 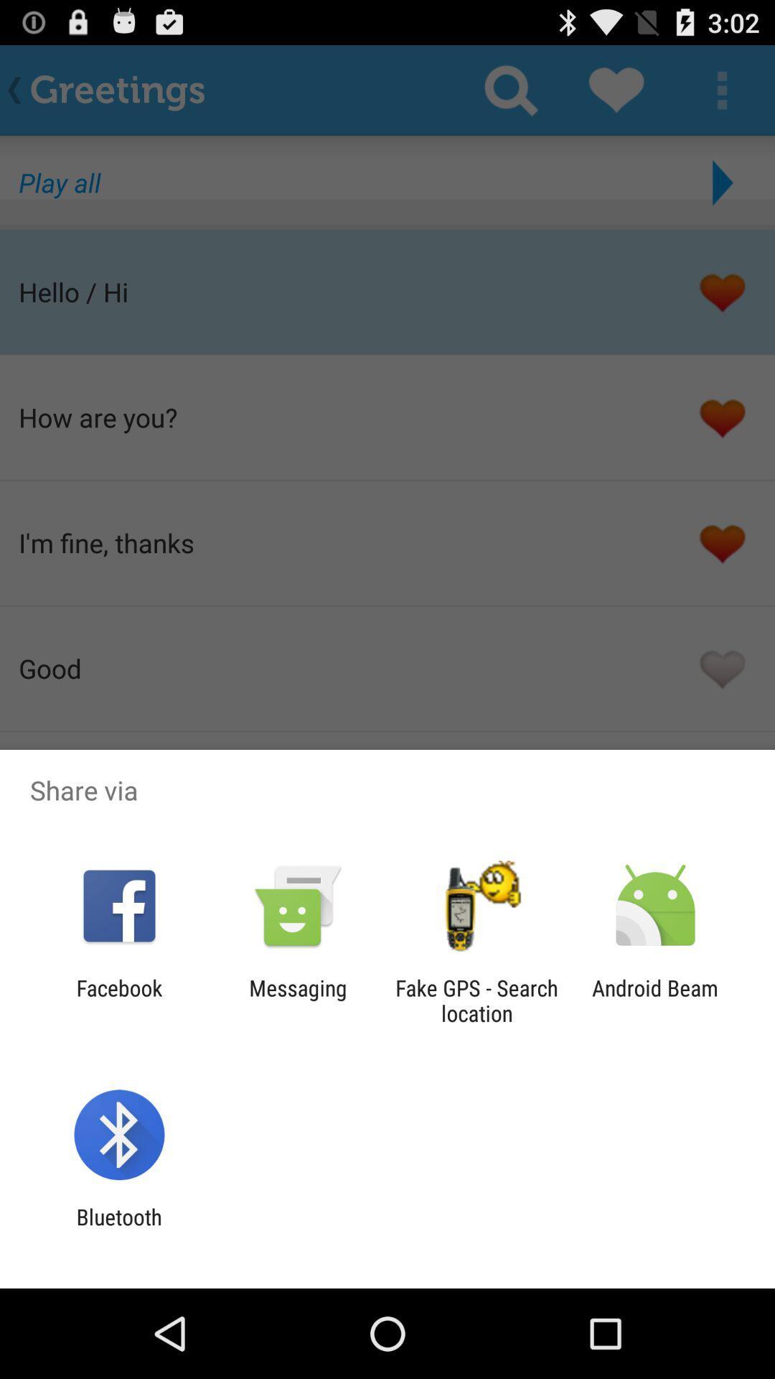 I want to click on icon next to the messaging item, so click(x=118, y=1000).